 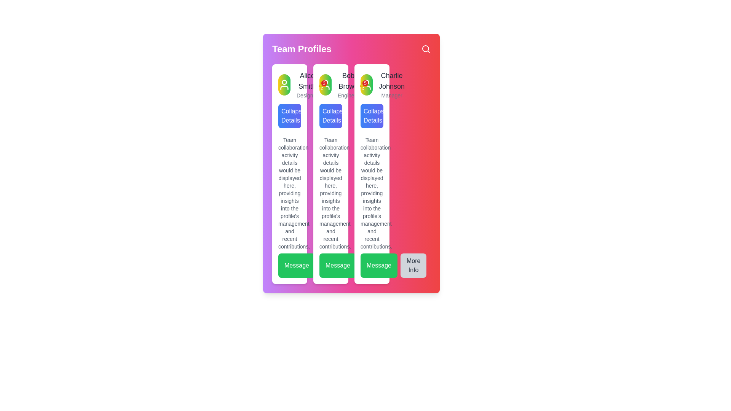 I want to click on the 'Message' button, which has a vibrant green background and white text, to observe the hover effect, so click(x=296, y=265).